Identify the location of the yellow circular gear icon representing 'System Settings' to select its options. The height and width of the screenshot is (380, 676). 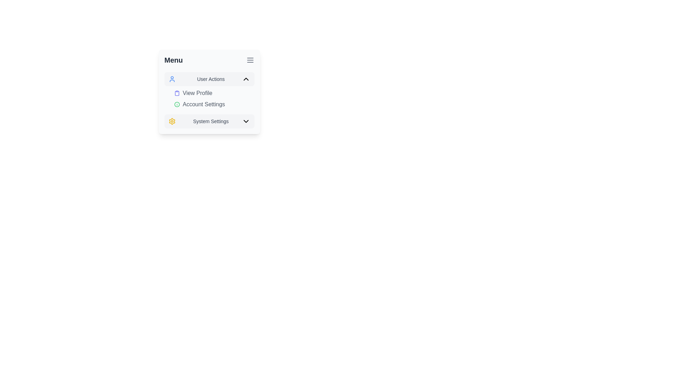
(172, 121).